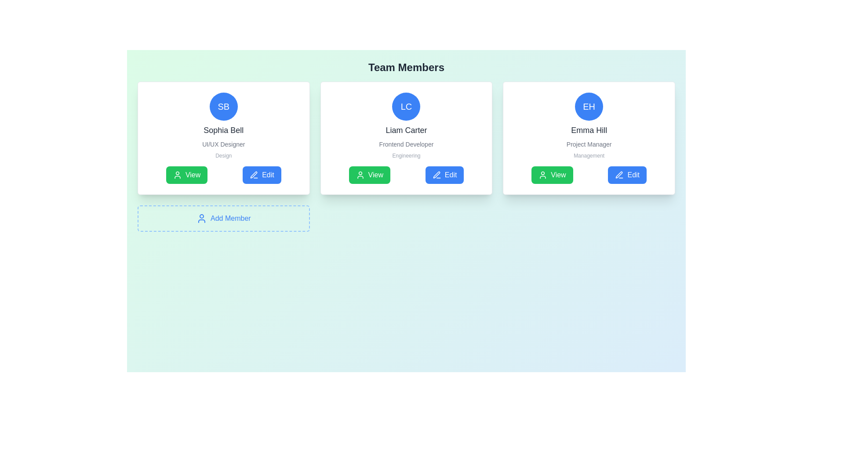 This screenshot has height=474, width=844. I want to click on the 'Add Member' static informational component, which features a dashed blue border and a user profile icon on the left, so click(223, 218).